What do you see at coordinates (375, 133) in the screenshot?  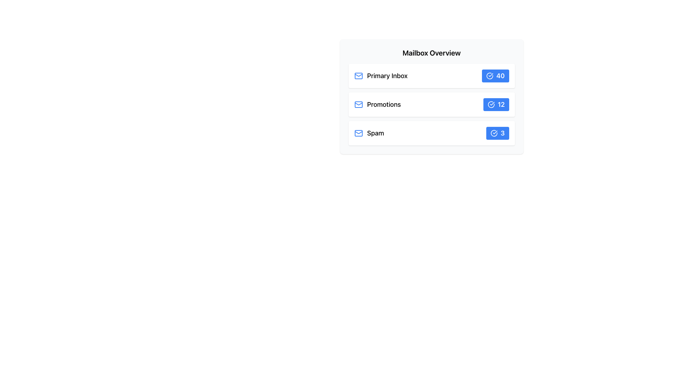 I see `the Text Label that identifies the 'Spam' category in the Mailbox Overview card, which is located at the bottom of a vertical list and is accompanied by an envelope icon and a numeric indicator` at bounding box center [375, 133].